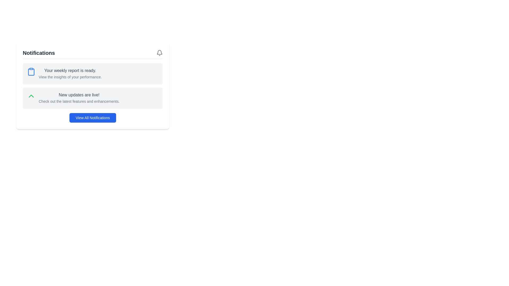  Describe the element at coordinates (70, 74) in the screenshot. I see `the text block that contains 'Your weekly report is ready.' and 'View the insights of your performance.'` at that location.